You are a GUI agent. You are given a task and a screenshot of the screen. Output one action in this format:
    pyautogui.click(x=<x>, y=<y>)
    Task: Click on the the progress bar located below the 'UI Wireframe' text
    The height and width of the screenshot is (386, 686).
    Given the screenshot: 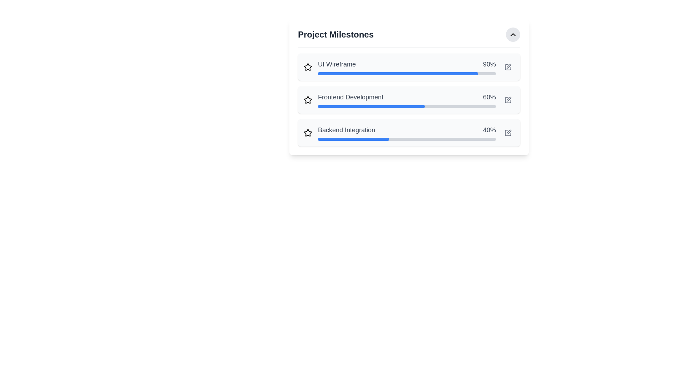 What is the action you would take?
    pyautogui.click(x=407, y=73)
    